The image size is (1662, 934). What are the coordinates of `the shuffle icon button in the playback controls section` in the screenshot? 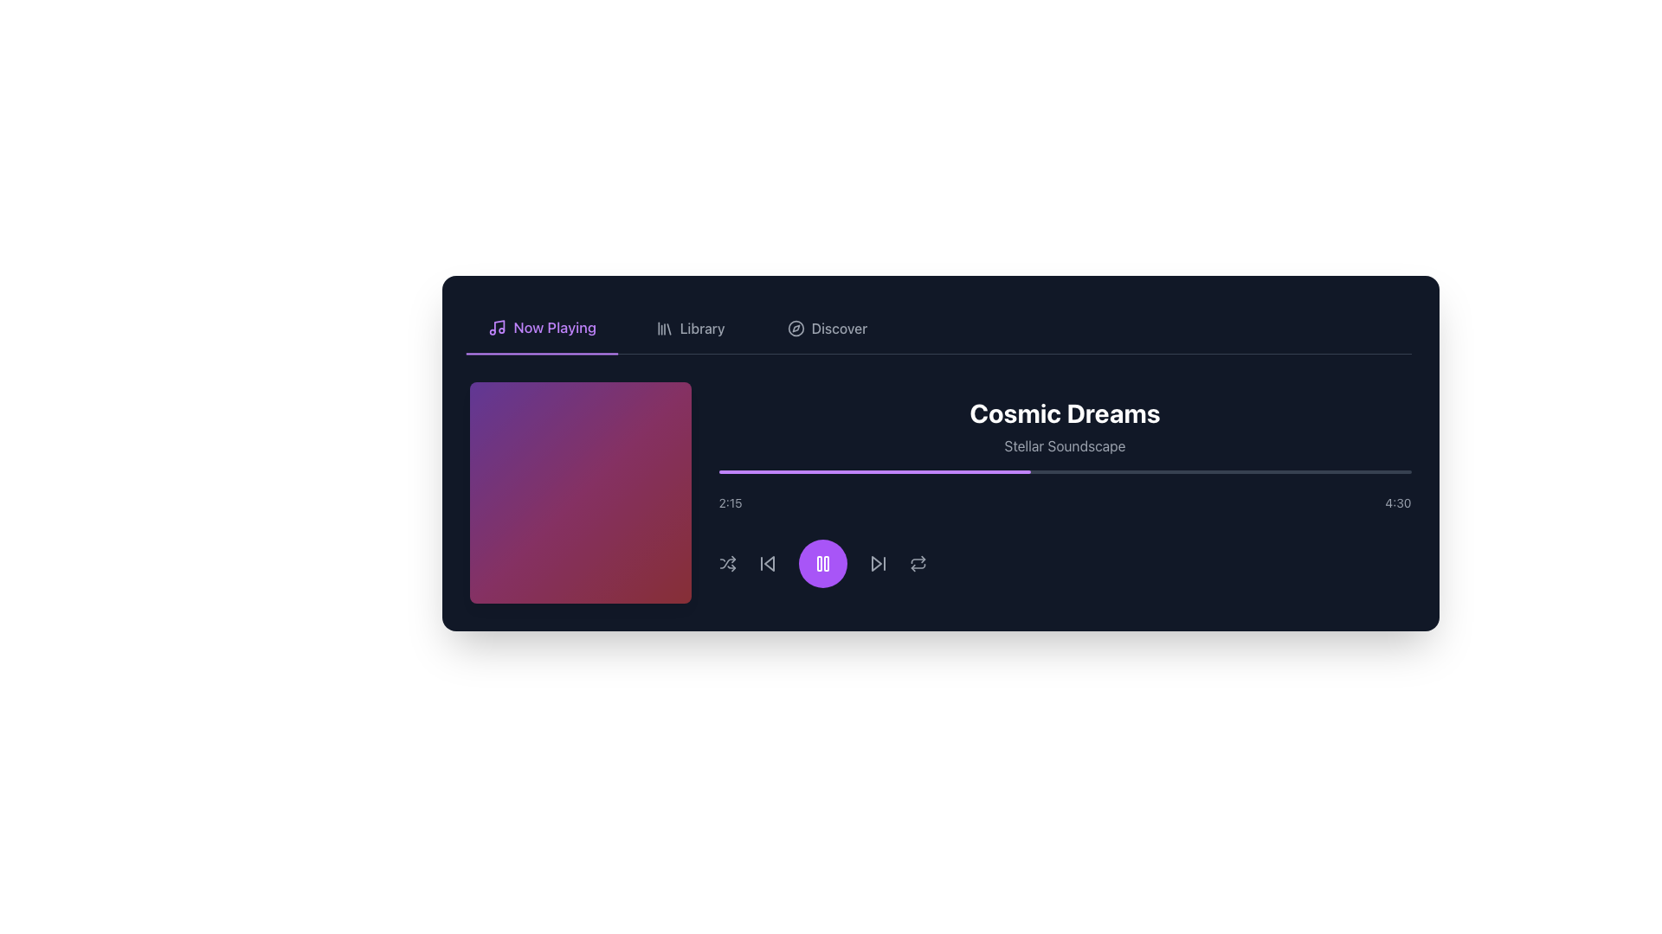 It's located at (727, 563).